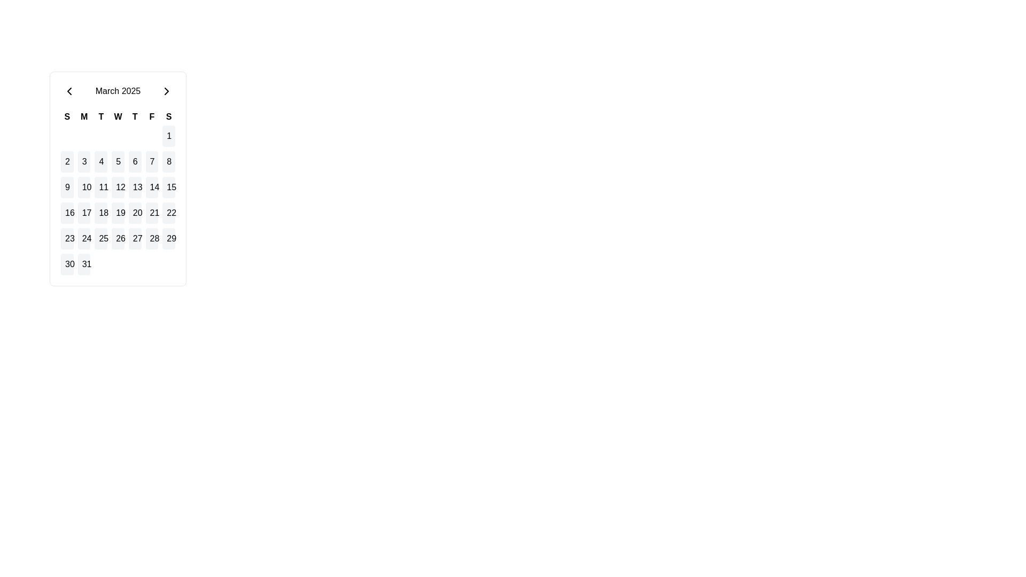 The height and width of the screenshot is (577, 1026). I want to click on from the button representing March 10, 2025, located in the fourth column of the third row under 'F' for Friday, so click(83, 187).